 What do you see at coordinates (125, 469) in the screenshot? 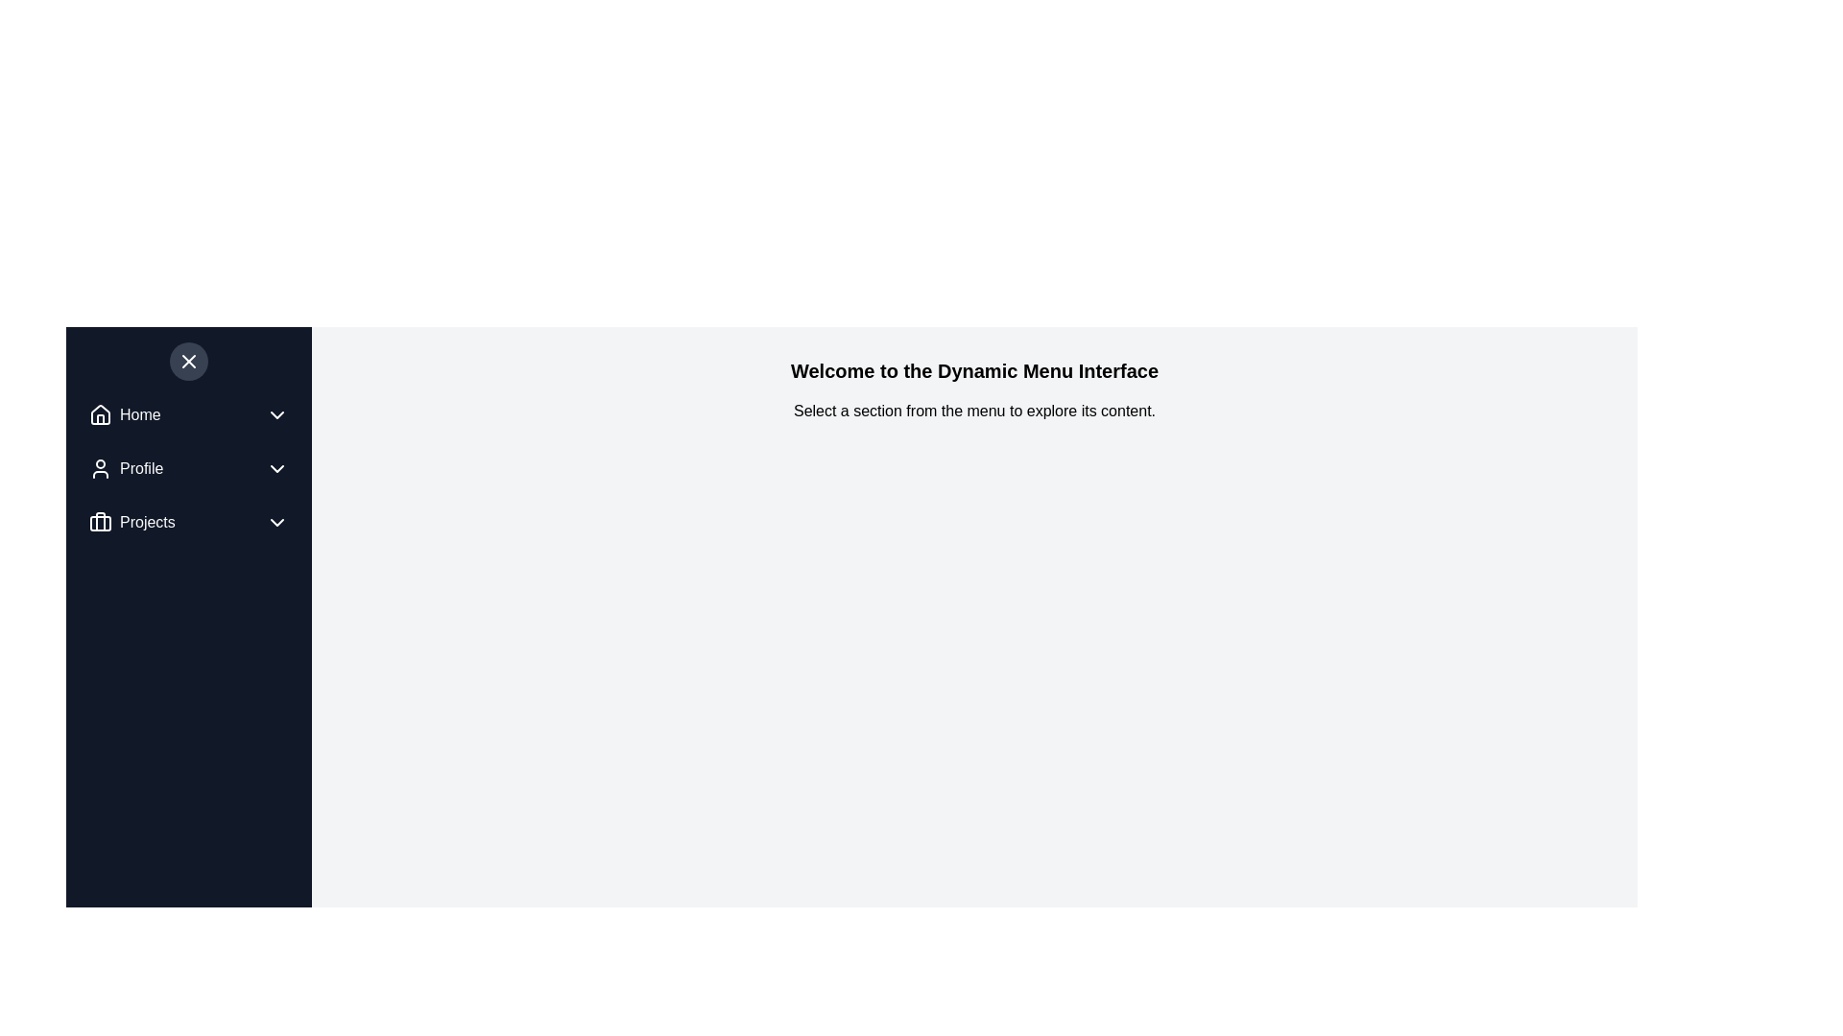
I see `the second menu item in the vertical list located in the left sidebar` at bounding box center [125, 469].